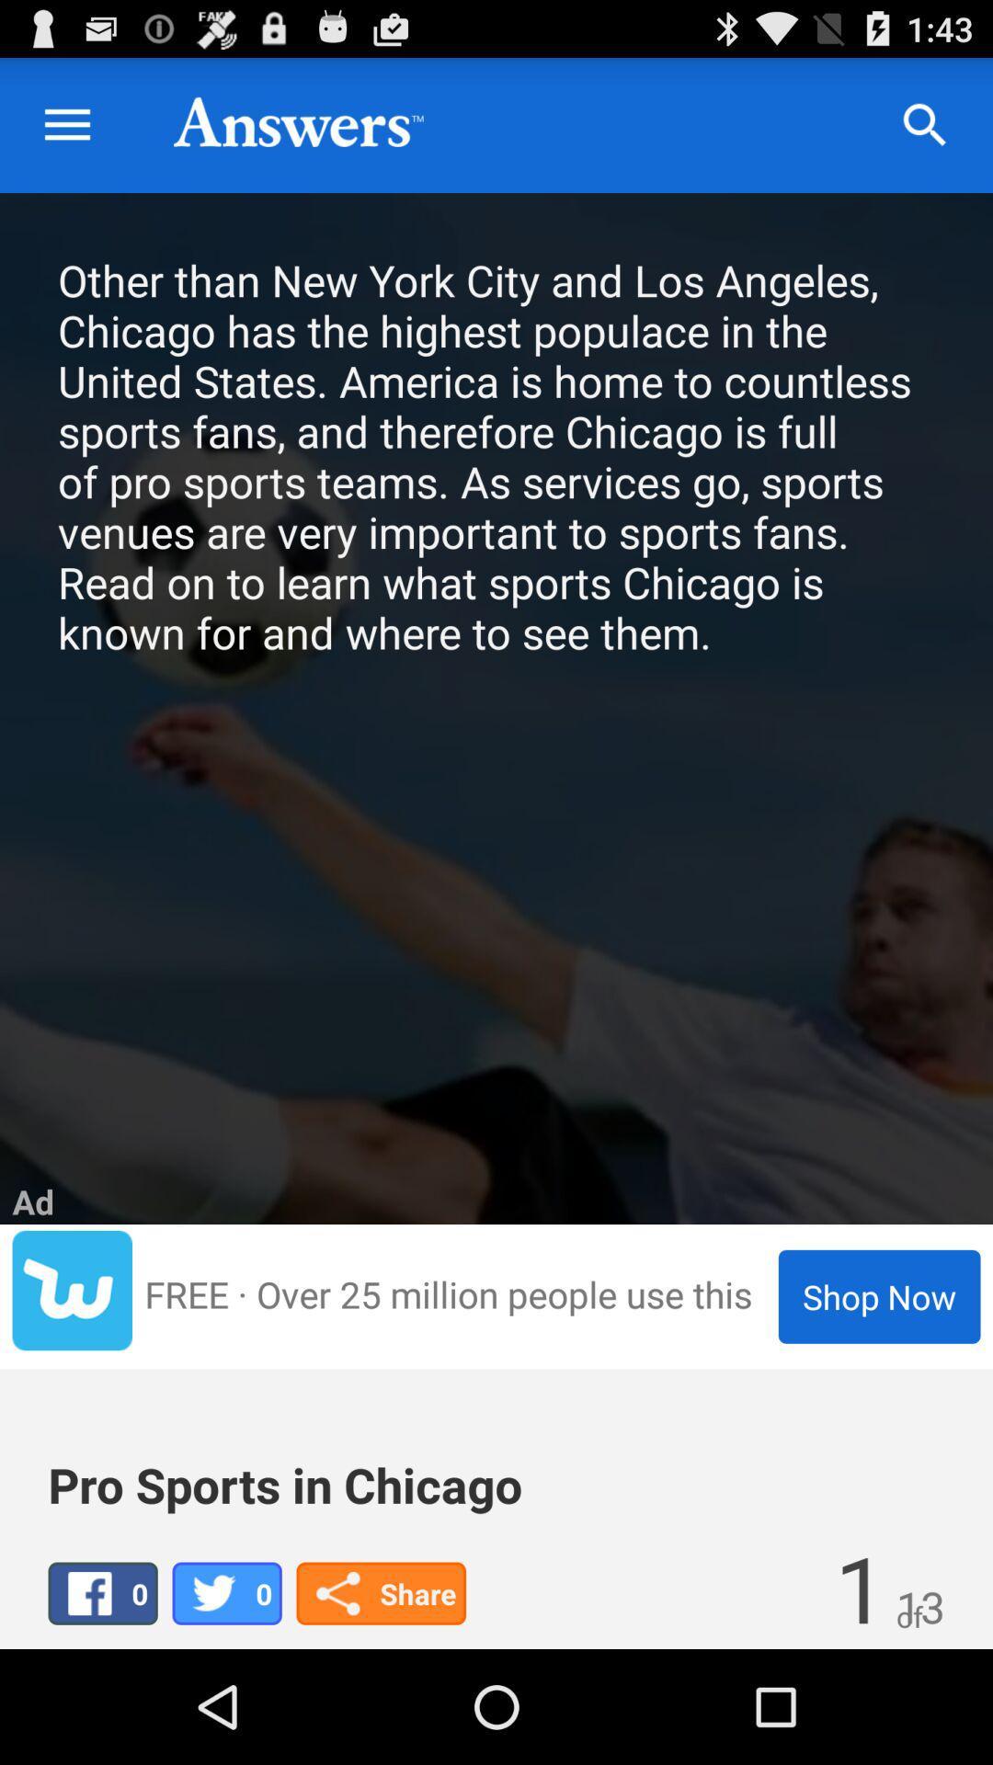 This screenshot has width=993, height=1765. What do you see at coordinates (66, 133) in the screenshot?
I see `the menu icon` at bounding box center [66, 133].